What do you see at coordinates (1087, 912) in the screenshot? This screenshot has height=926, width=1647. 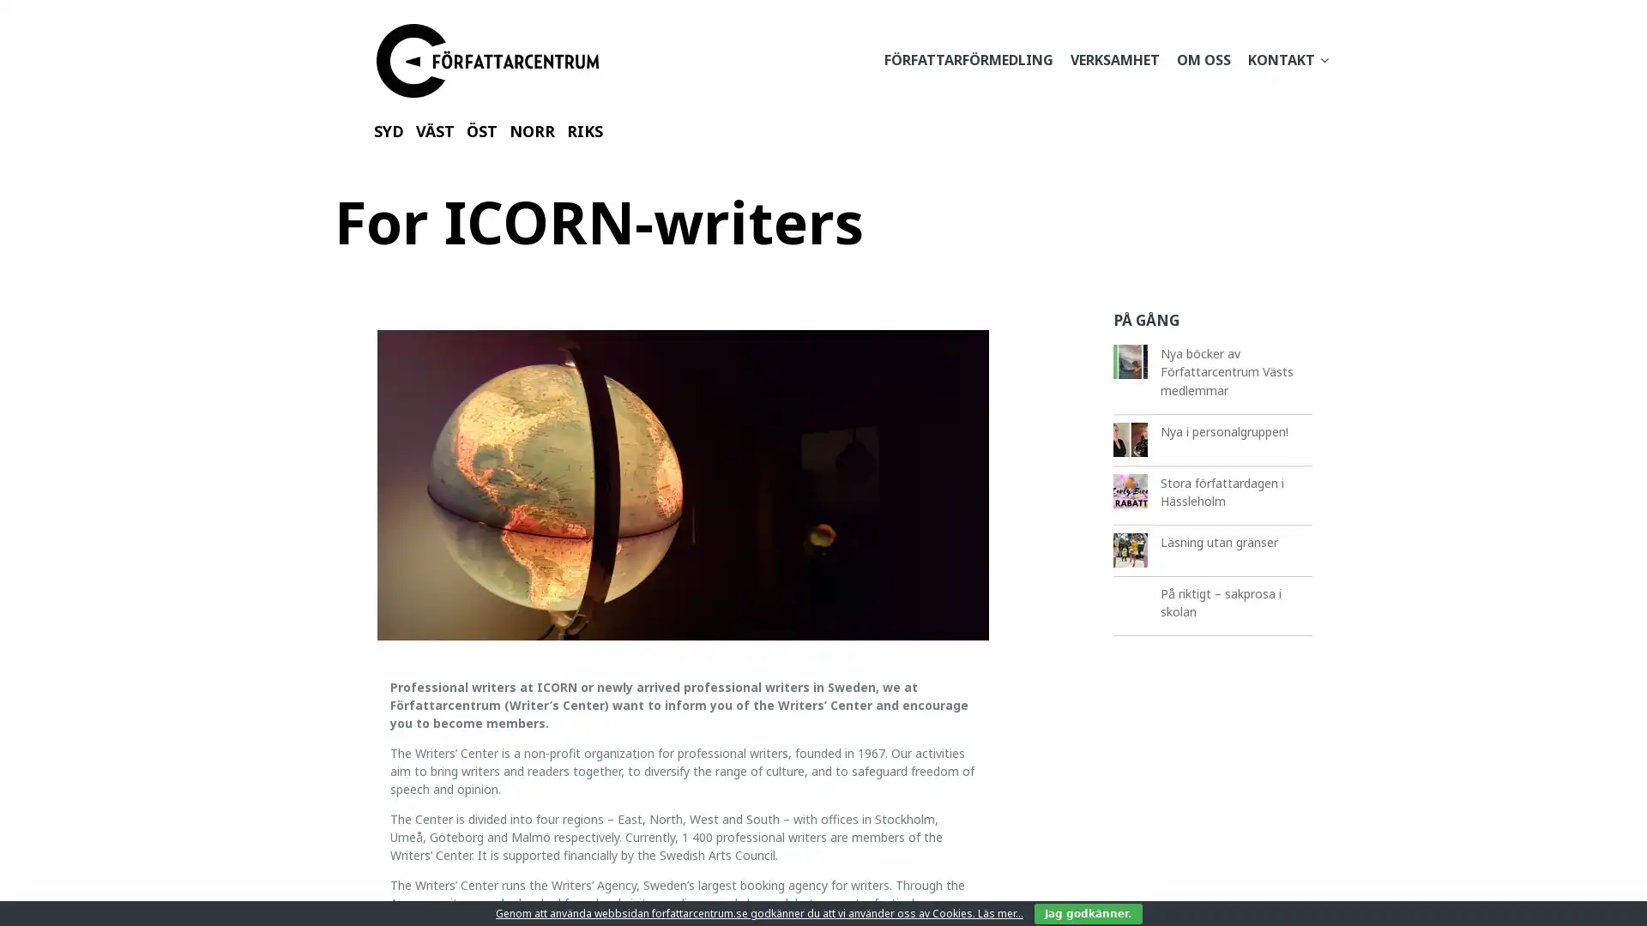 I see `Jag godkanner.` at bounding box center [1087, 912].